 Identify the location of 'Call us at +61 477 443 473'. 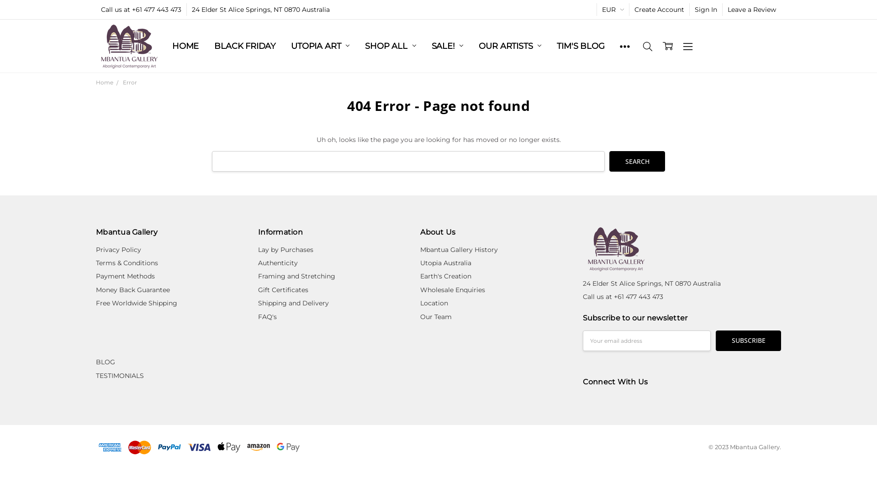
(140, 9).